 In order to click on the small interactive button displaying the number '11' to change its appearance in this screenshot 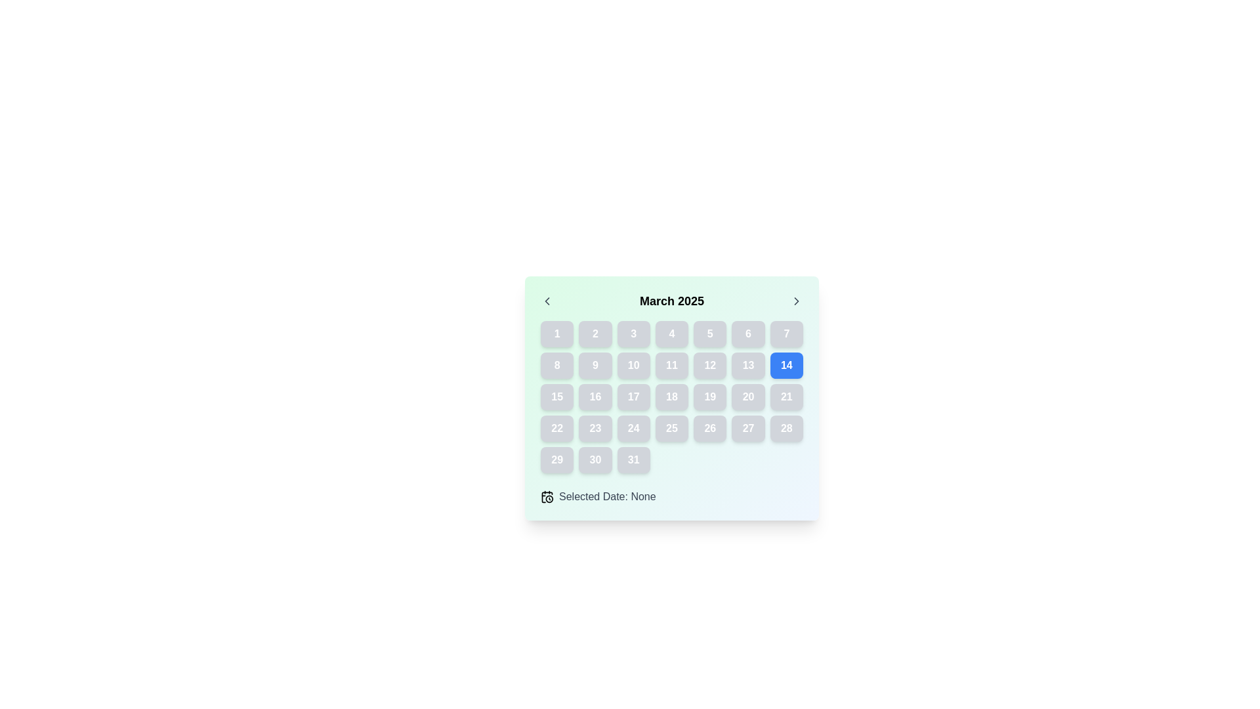, I will do `click(671, 365)`.